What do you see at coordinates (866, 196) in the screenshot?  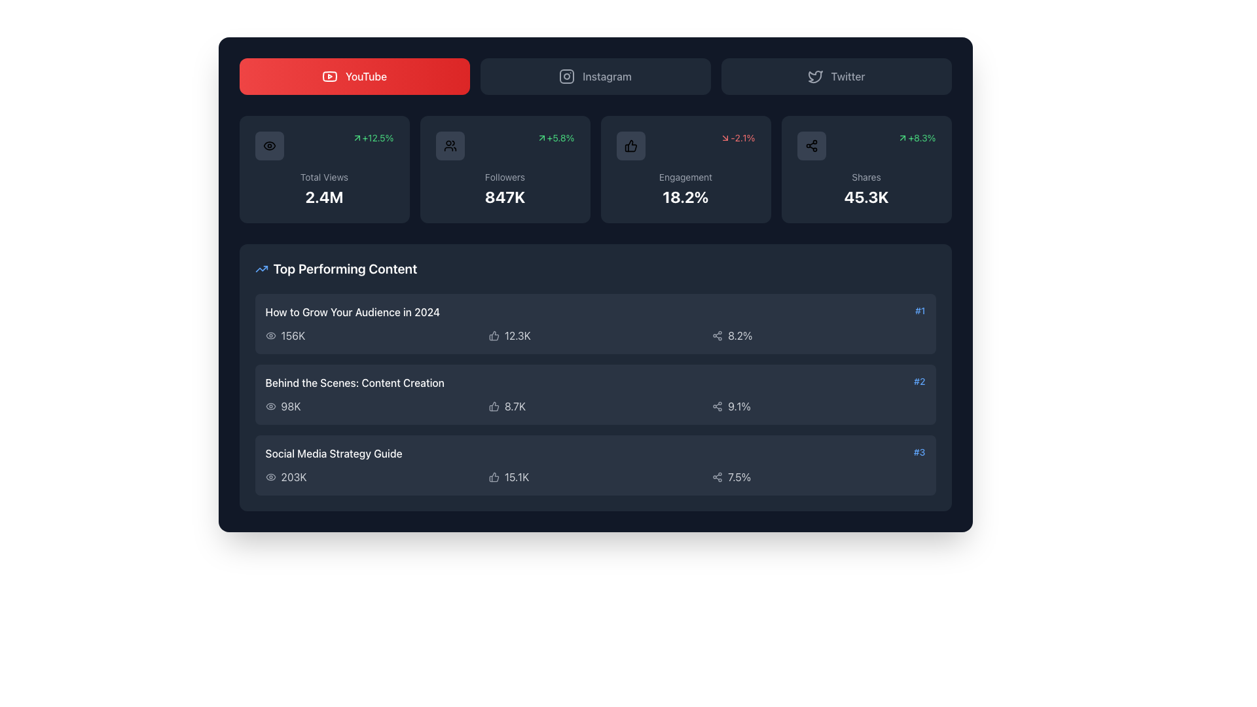 I see `the static label that displays the count of shares, located within the 'Shares' box at the top-right part of the dashboard interface` at bounding box center [866, 196].